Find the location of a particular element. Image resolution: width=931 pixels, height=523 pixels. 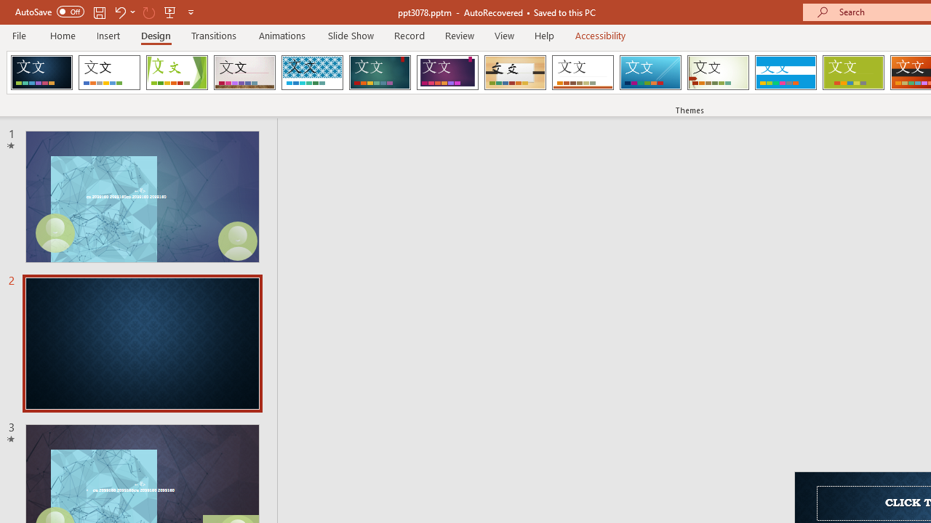

'Banded' is located at coordinates (785, 73).